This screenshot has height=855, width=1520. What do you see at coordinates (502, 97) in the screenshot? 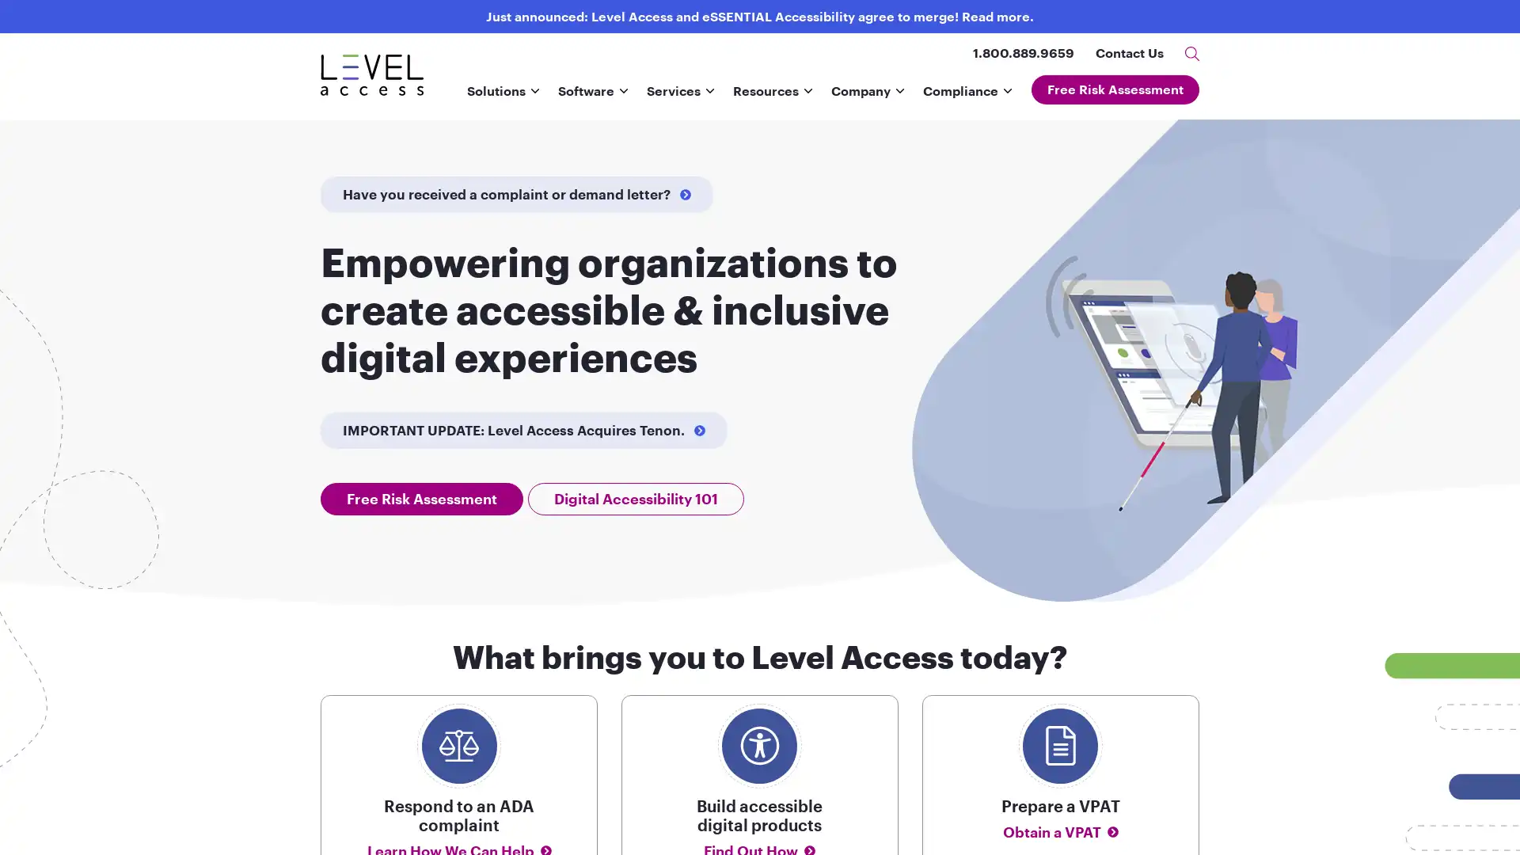
I see `Solutions` at bounding box center [502, 97].